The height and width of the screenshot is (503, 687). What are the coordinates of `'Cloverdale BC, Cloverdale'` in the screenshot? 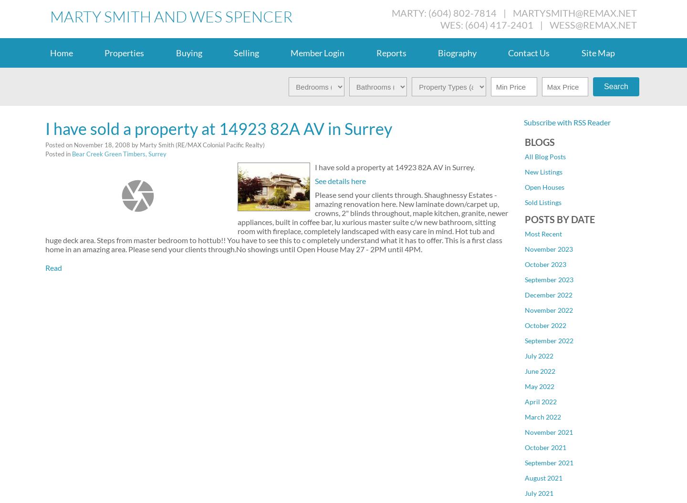 It's located at (563, 93).